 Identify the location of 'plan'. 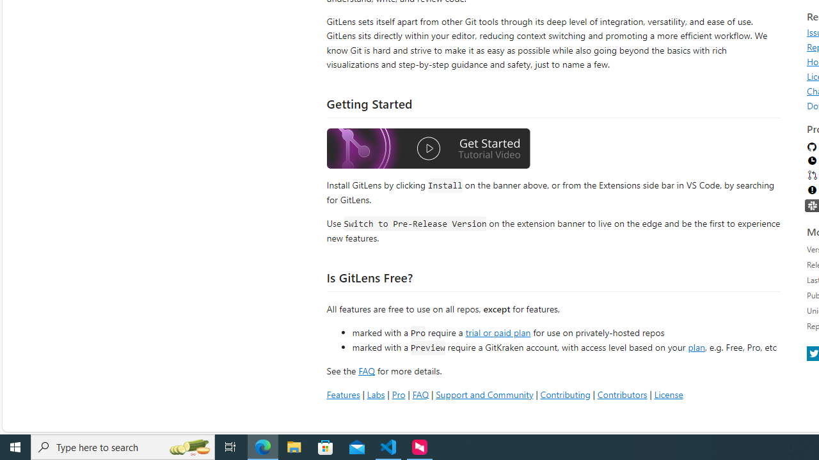
(696, 347).